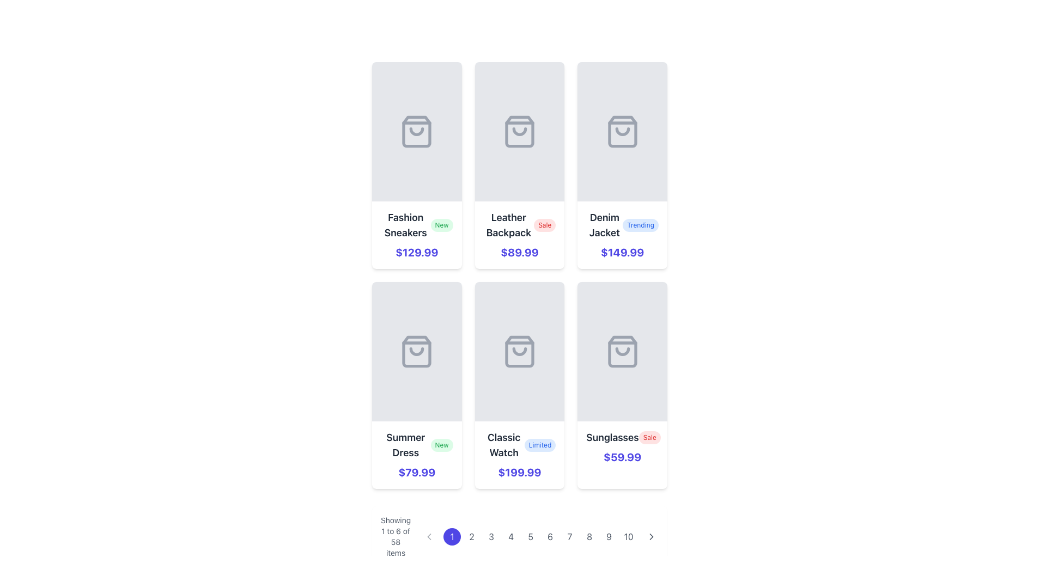 The height and width of the screenshot is (588, 1046). I want to click on the left-pointing chevron icon within the rounded button, so click(429, 536).